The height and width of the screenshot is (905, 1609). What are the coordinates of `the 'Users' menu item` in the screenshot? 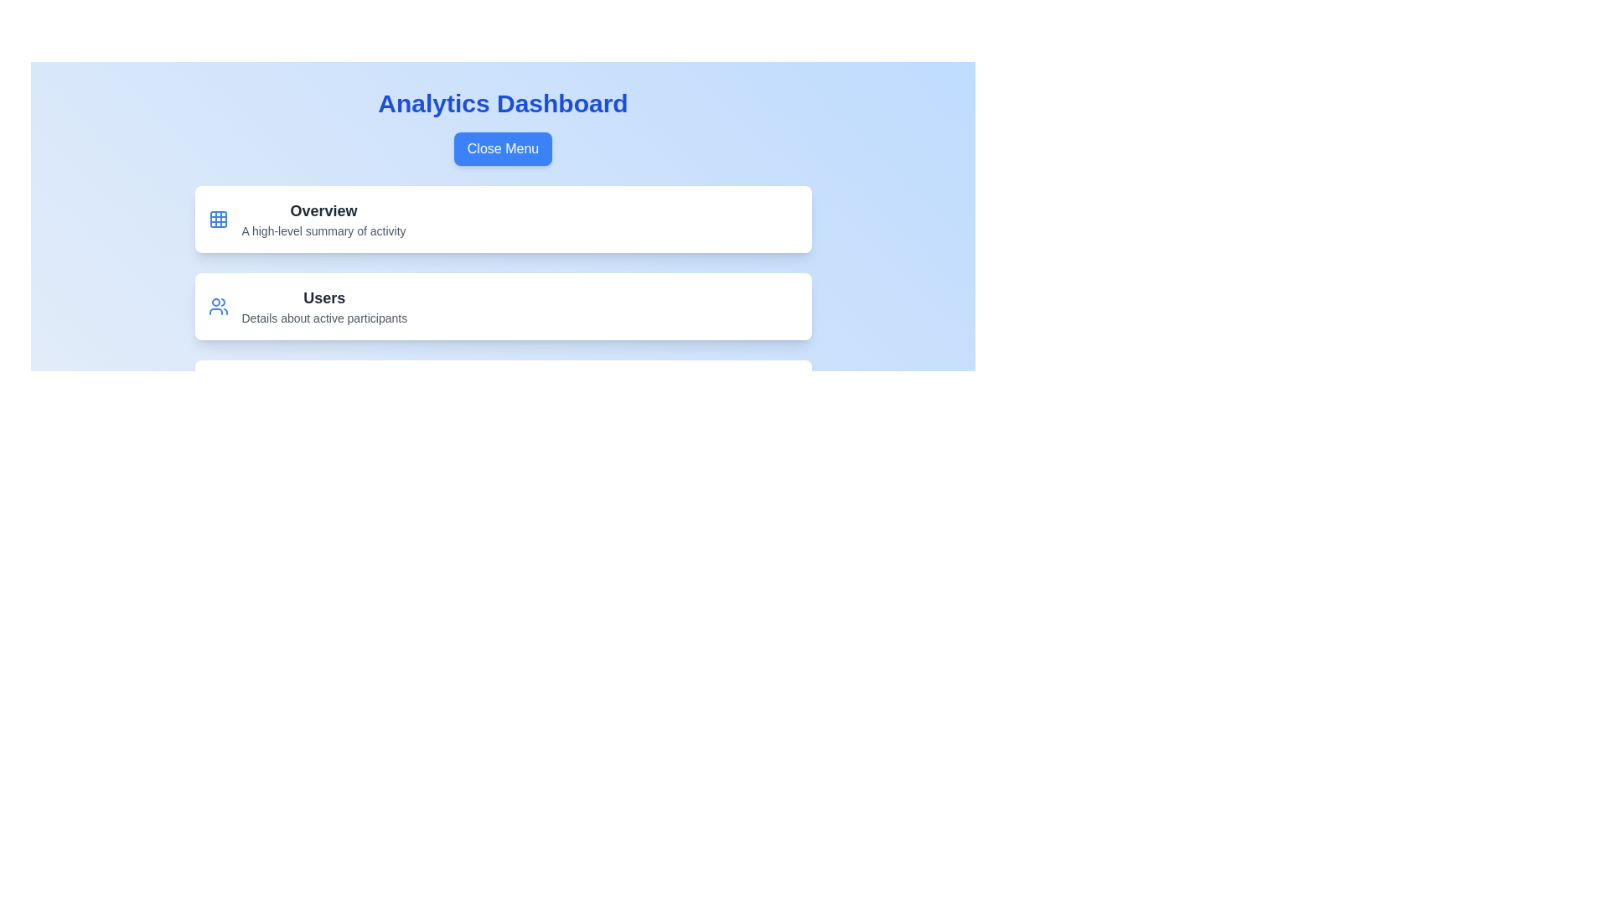 It's located at (502, 307).